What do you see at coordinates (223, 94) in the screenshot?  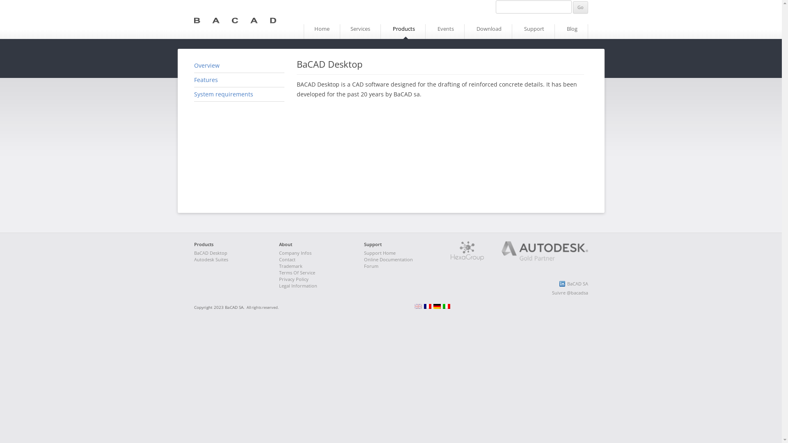 I see `'System requirements'` at bounding box center [223, 94].